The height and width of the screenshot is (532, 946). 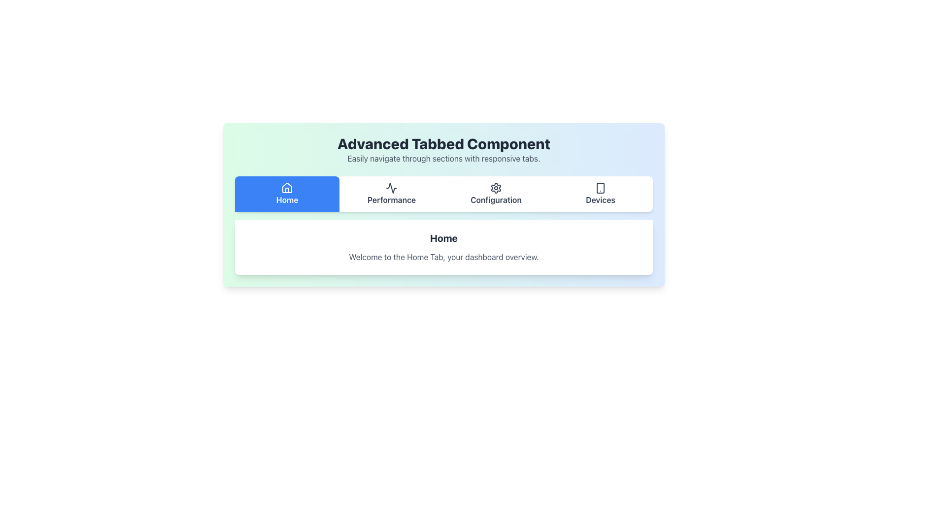 I want to click on the vertical rectangle shape representing the doorway in the home icon within the 'Home' tab of the navigation section, so click(x=286, y=190).